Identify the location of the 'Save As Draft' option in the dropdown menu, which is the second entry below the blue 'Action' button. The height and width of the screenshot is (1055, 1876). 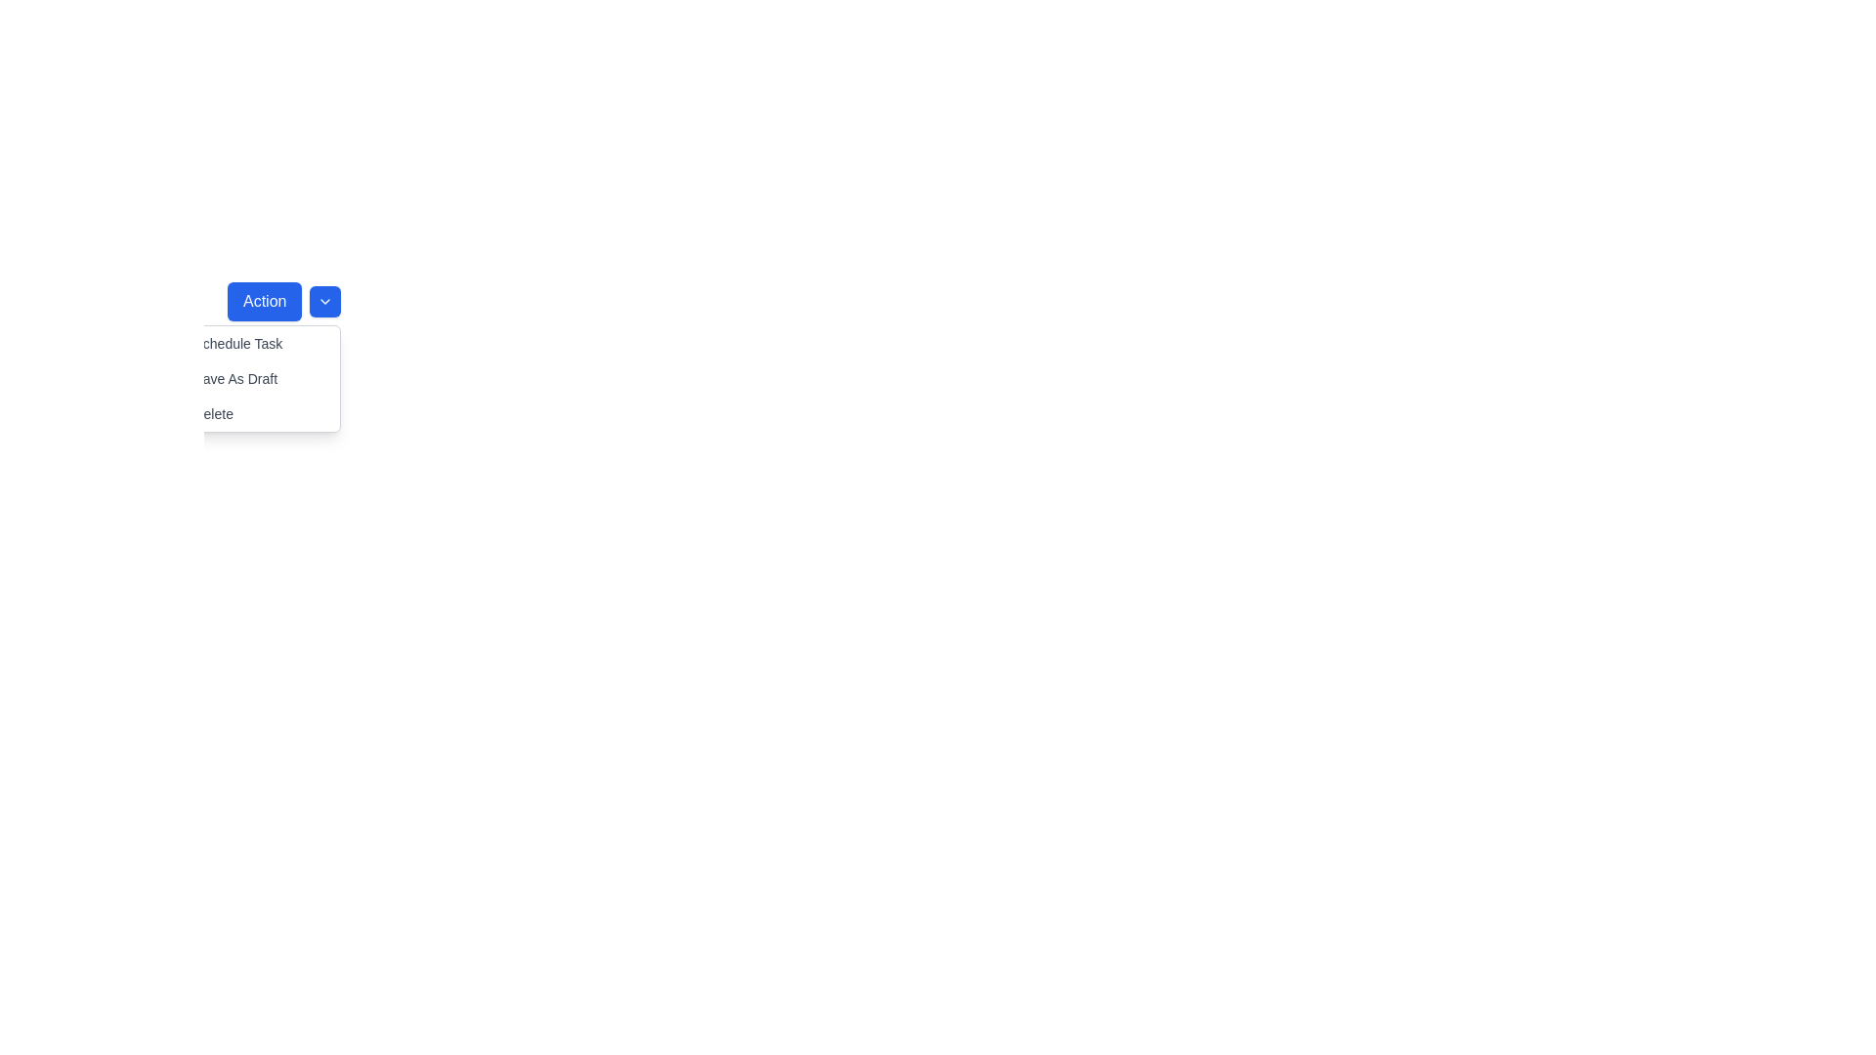
(246, 379).